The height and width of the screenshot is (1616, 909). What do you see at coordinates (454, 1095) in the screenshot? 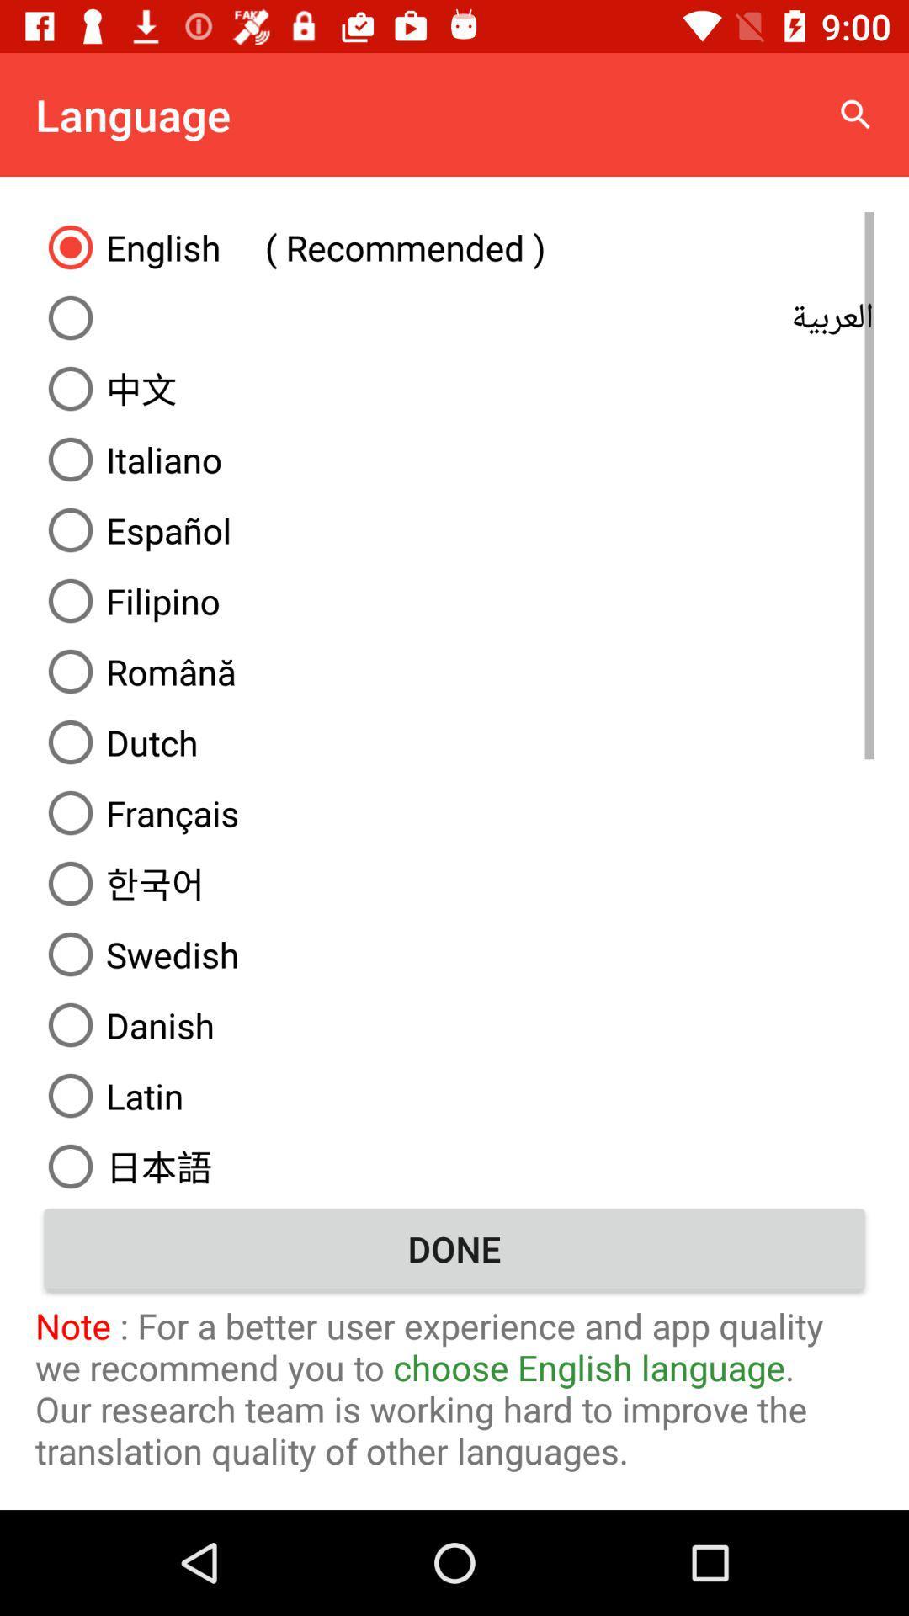
I see `the latin icon` at bounding box center [454, 1095].